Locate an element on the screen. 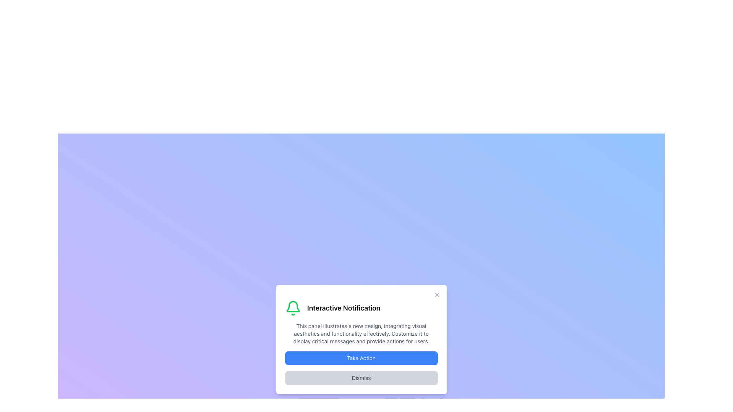  the close icon button represented by a diagonal cross (X) located in the top-right corner of the card-like panel is located at coordinates (437, 294).